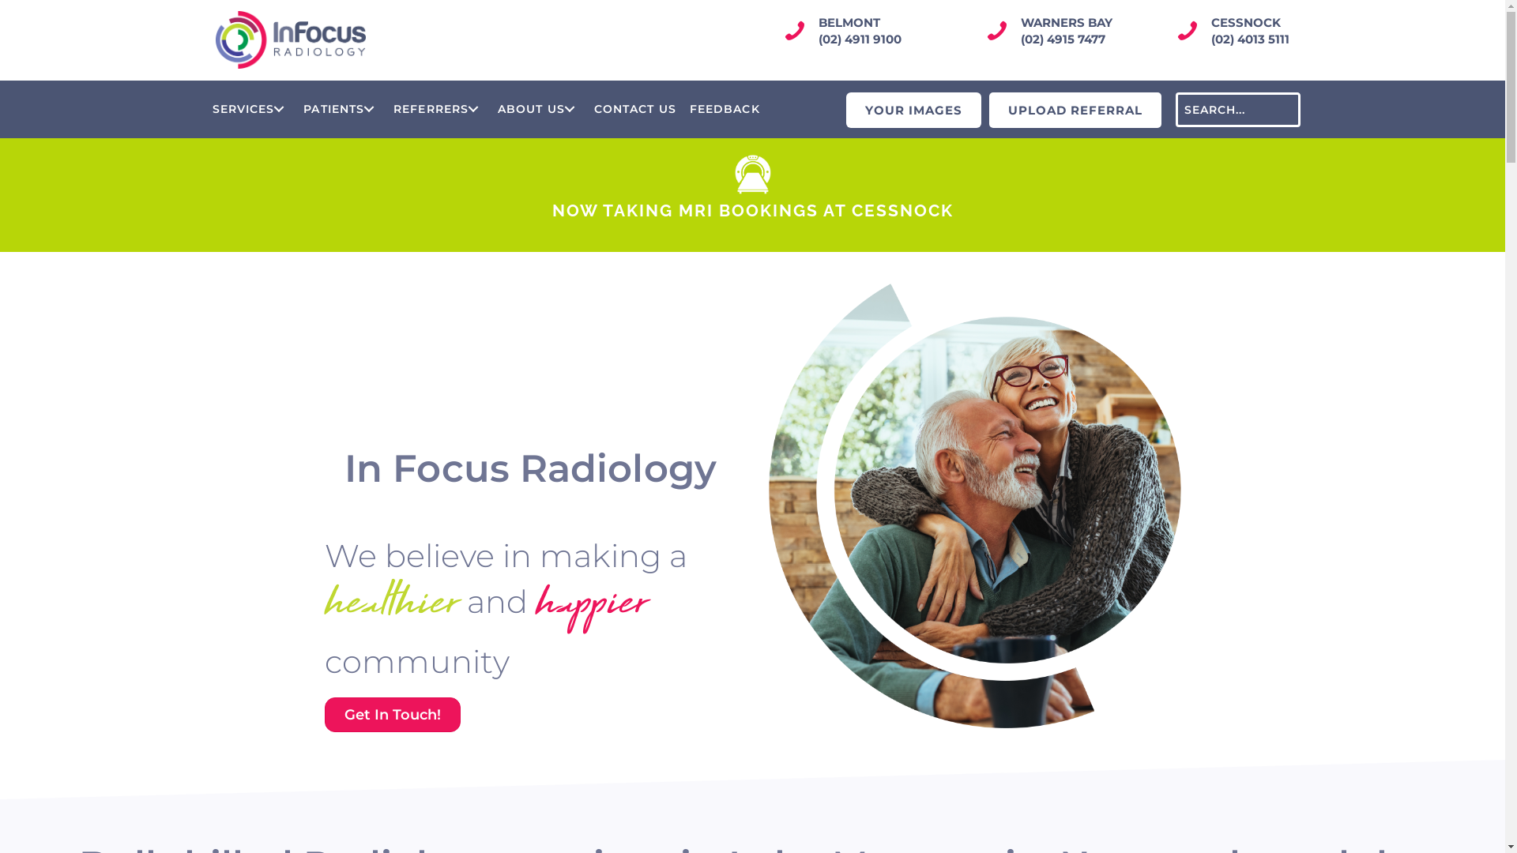 Image resolution: width=1517 pixels, height=853 pixels. I want to click on 'MRI', so click(752, 174).